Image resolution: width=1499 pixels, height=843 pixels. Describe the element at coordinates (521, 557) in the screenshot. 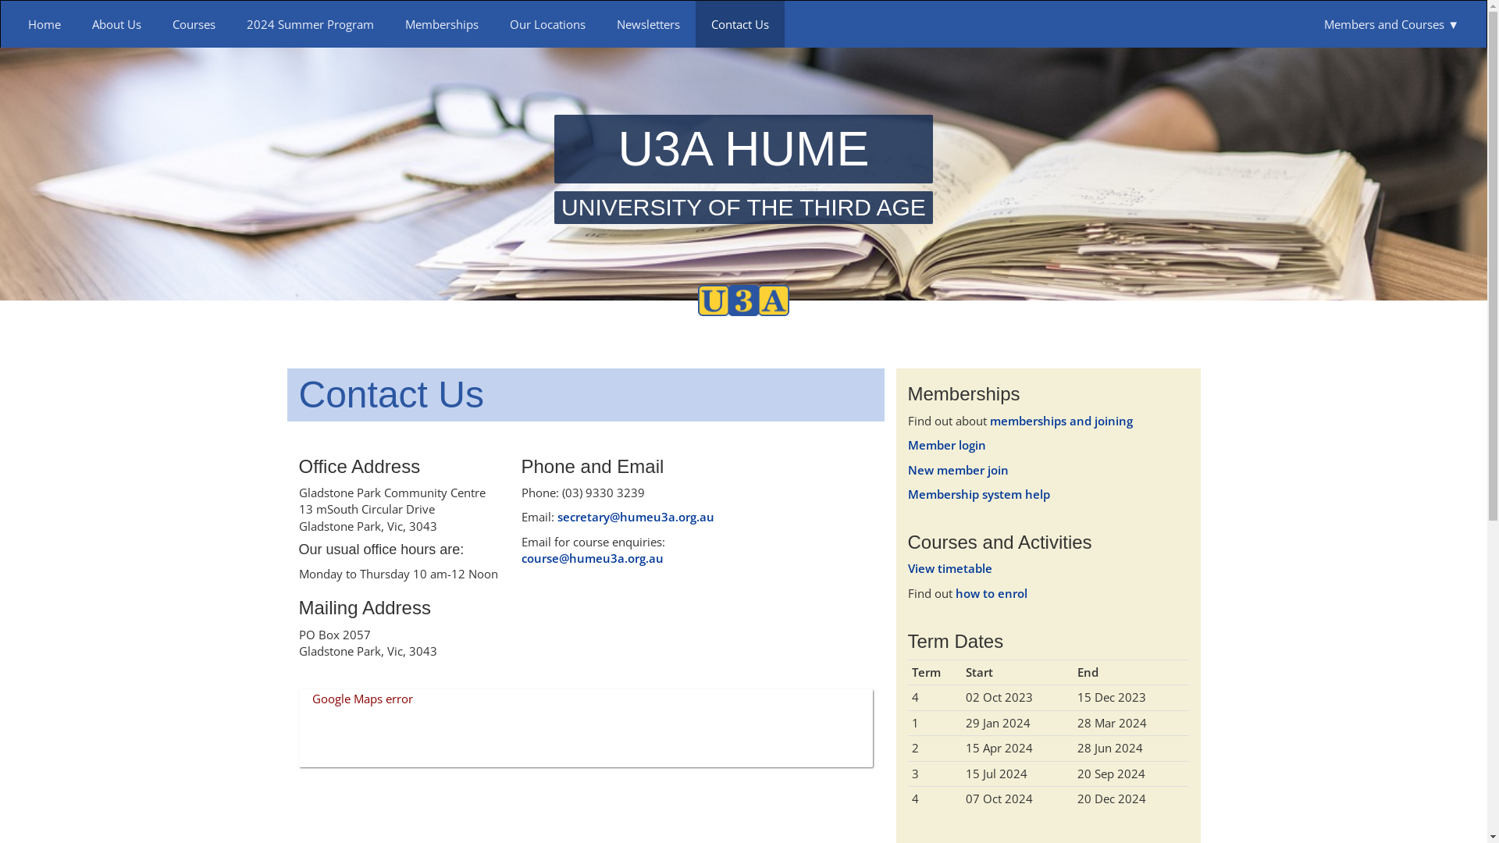

I see `'course@humeu3a.org.au'` at that location.